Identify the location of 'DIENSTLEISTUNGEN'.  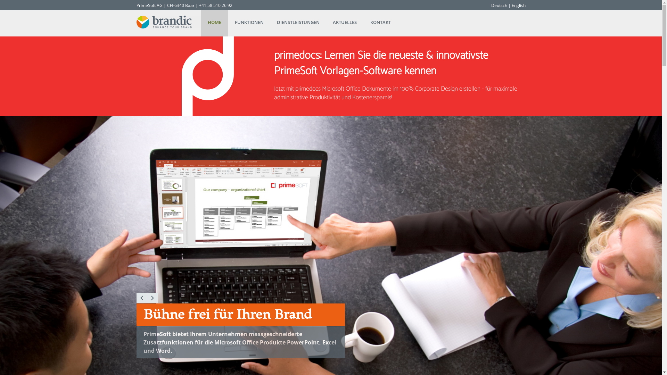
(298, 23).